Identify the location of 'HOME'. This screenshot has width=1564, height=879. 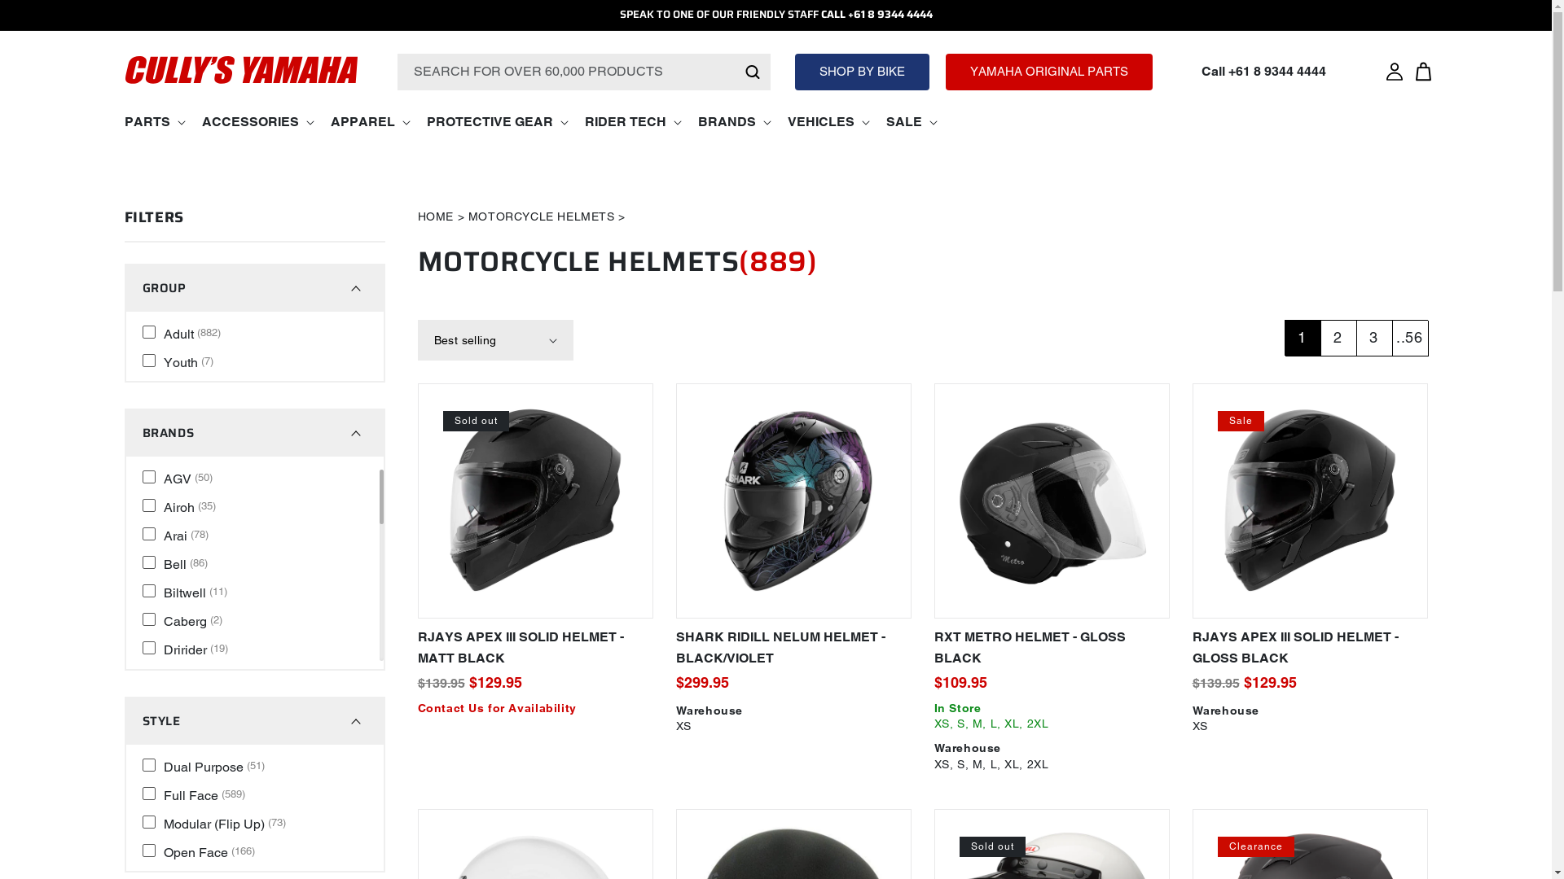
(434, 216).